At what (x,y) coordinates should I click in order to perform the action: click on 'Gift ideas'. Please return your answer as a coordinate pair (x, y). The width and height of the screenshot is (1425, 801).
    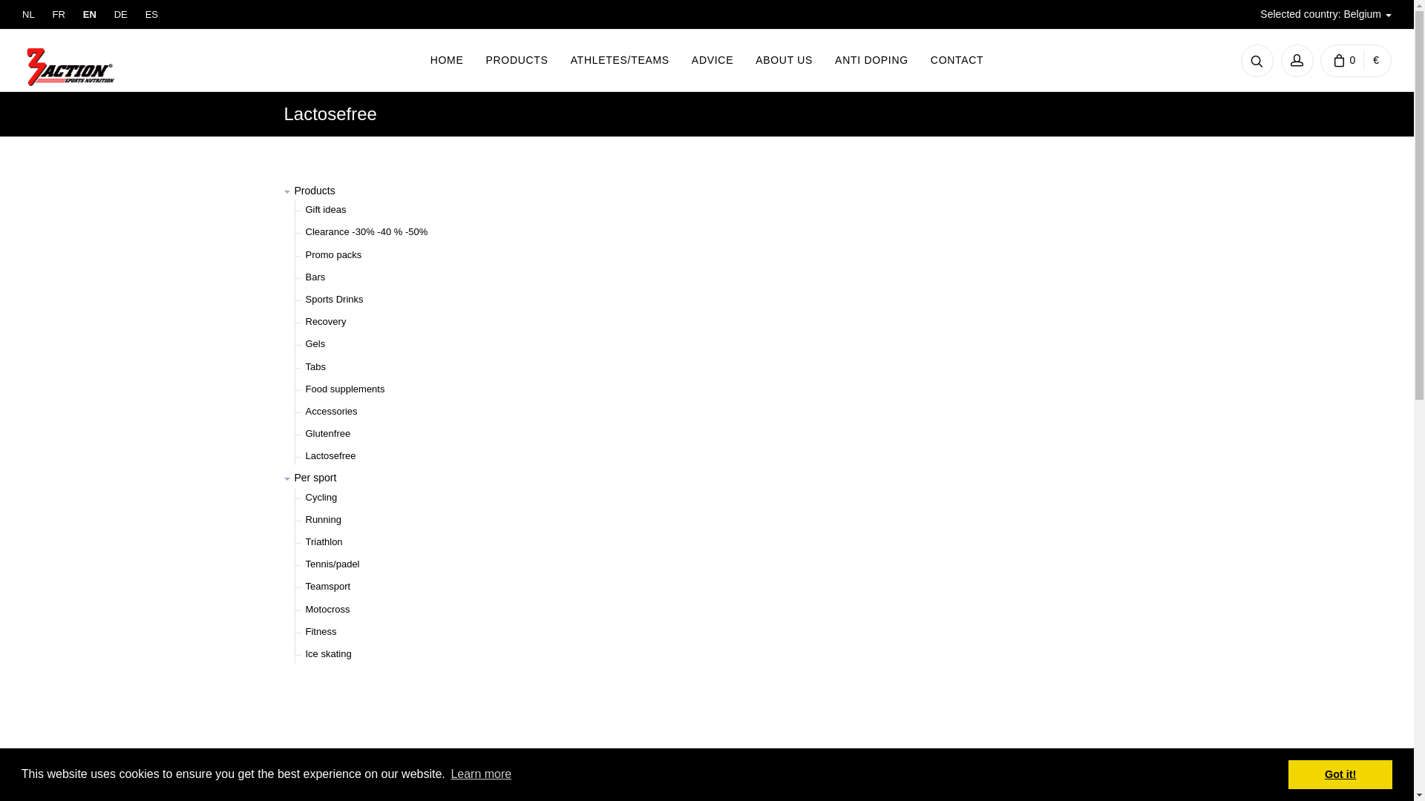
    Looking at the image, I should click on (325, 209).